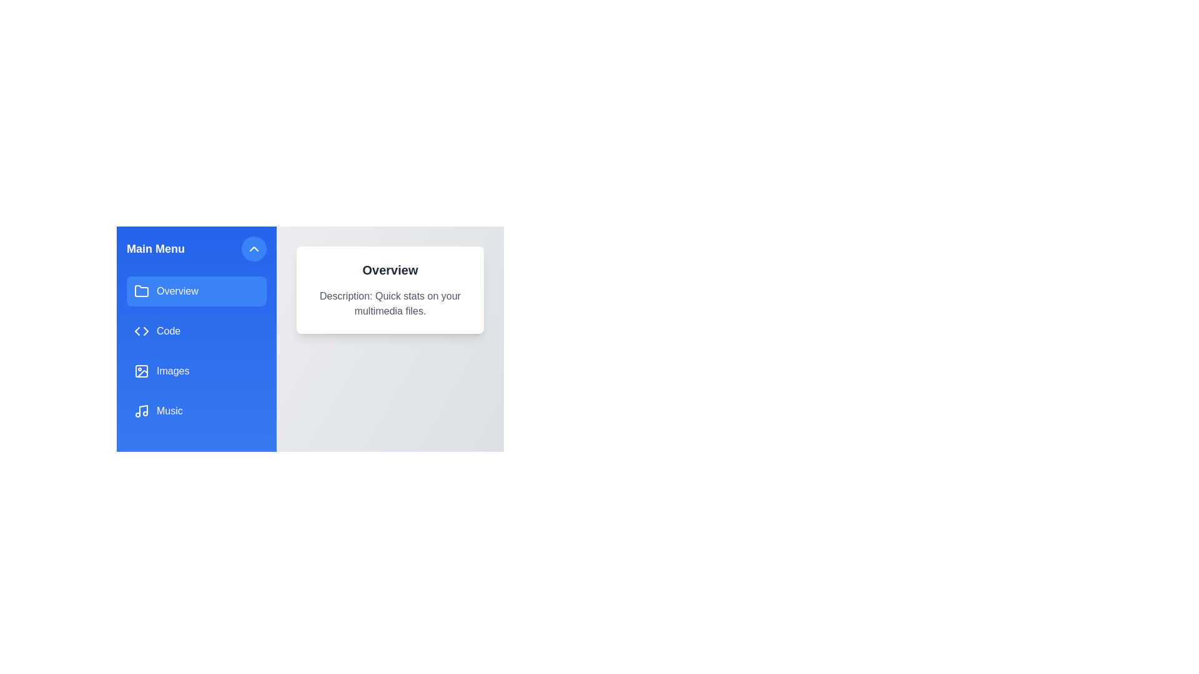  What do you see at coordinates (254, 248) in the screenshot?
I see `the chevron-shaped icon with a blue background located at the top-right corner of the vertical navigation menu` at bounding box center [254, 248].